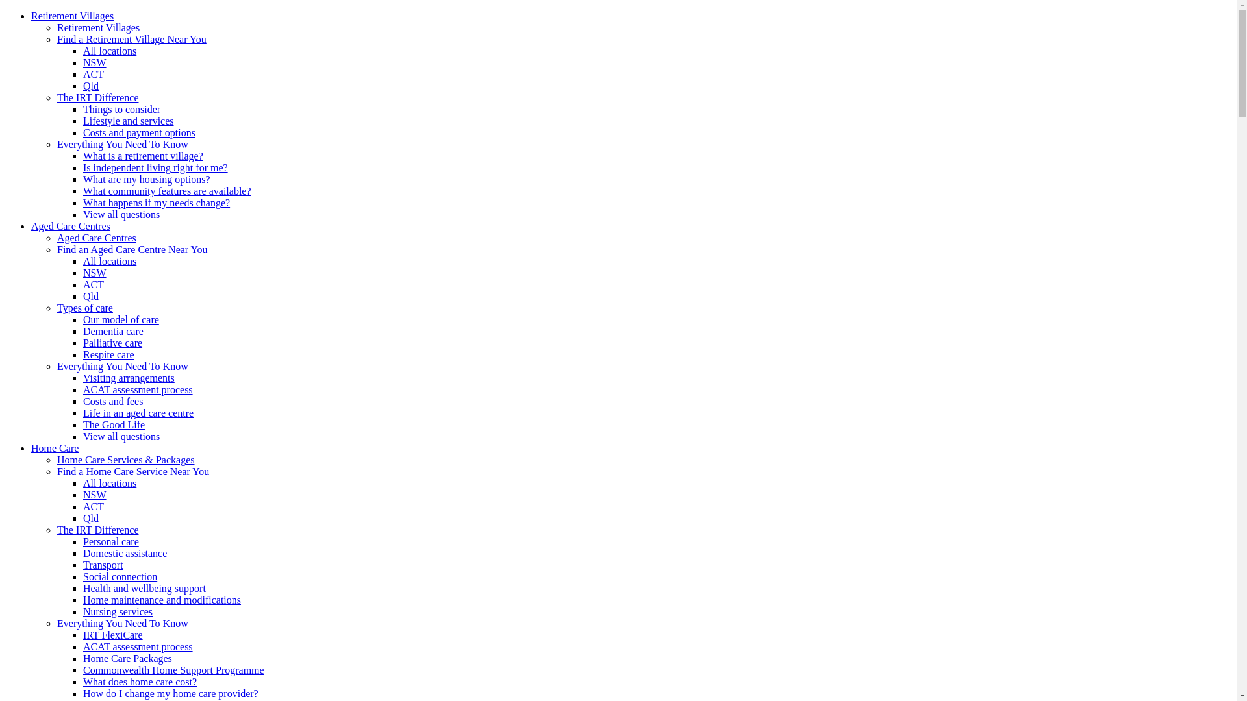  I want to click on 'Palliative care', so click(82, 342).